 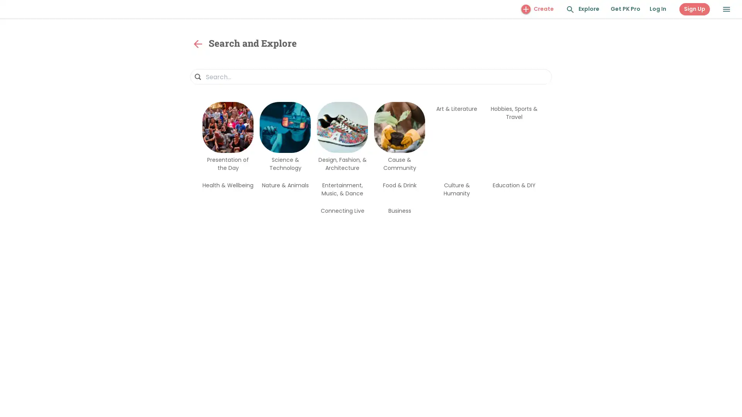 What do you see at coordinates (694, 9) in the screenshot?
I see `Sign Up` at bounding box center [694, 9].